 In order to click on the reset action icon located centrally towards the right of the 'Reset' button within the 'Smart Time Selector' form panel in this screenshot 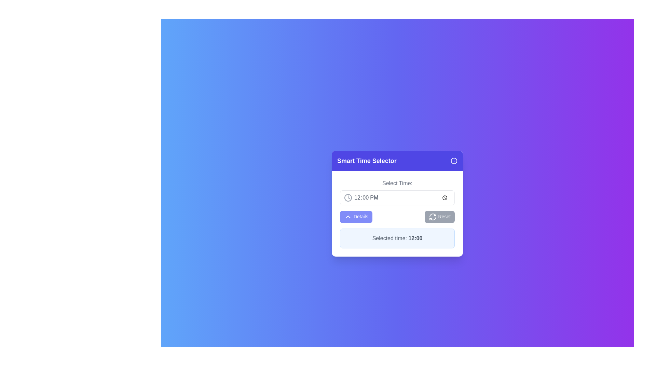, I will do `click(432, 217)`.